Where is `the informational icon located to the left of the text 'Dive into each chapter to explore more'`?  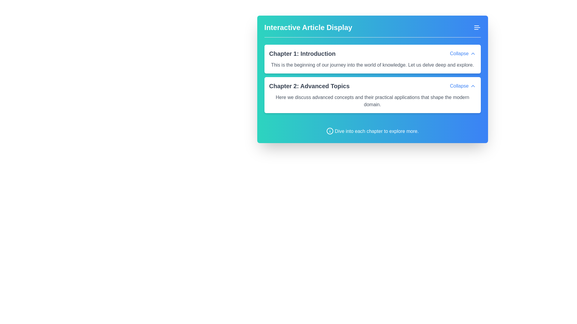
the informational icon located to the left of the text 'Dive into each chapter to explore more' is located at coordinates (329, 130).